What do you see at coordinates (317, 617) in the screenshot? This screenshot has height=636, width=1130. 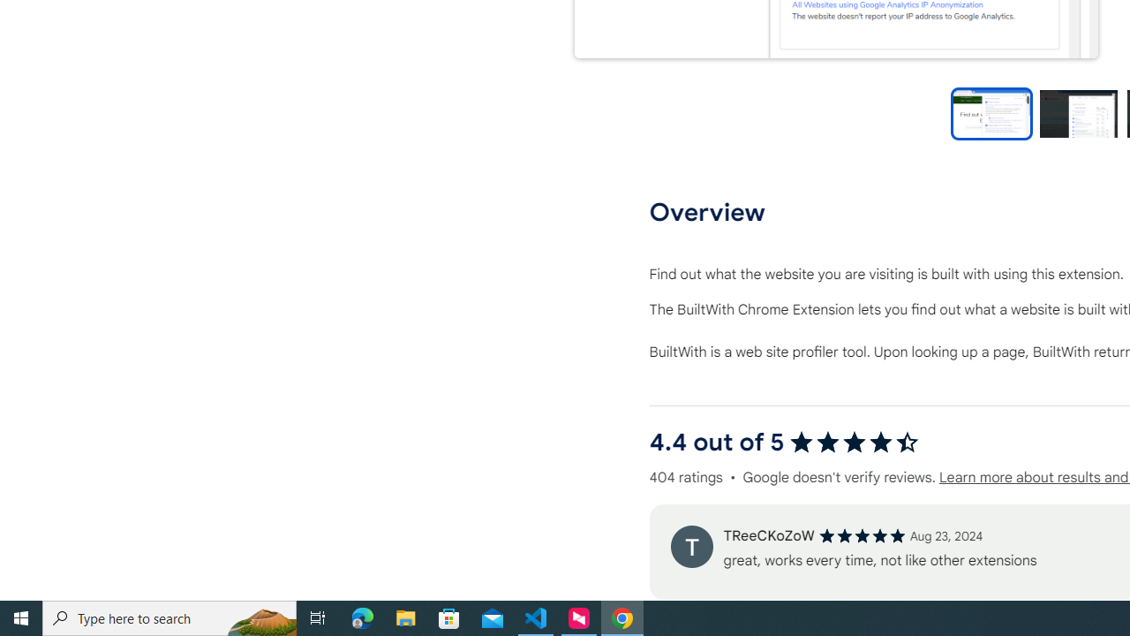 I see `'Task View'` at bounding box center [317, 617].